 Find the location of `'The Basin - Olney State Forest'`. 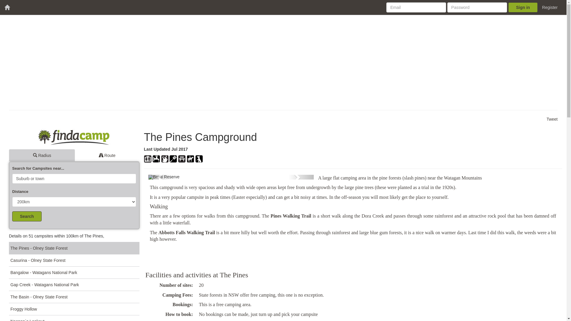

'The Basin - Olney State Forest' is located at coordinates (74, 297).